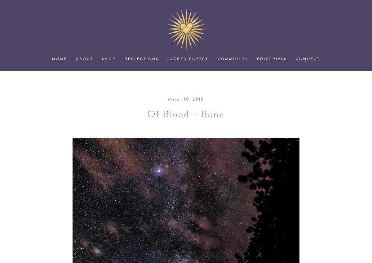 The height and width of the screenshot is (263, 372). What do you see at coordinates (188, 58) in the screenshot?
I see `'Sacred Poetry'` at bounding box center [188, 58].